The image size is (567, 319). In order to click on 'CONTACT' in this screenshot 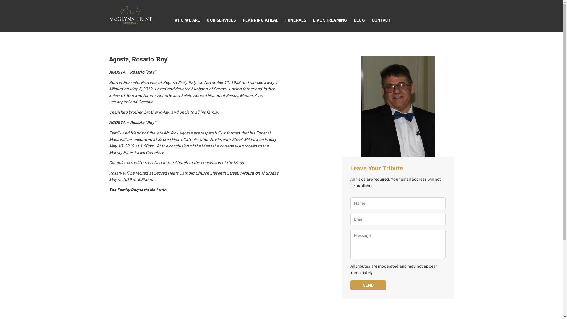, I will do `click(368, 20)`.